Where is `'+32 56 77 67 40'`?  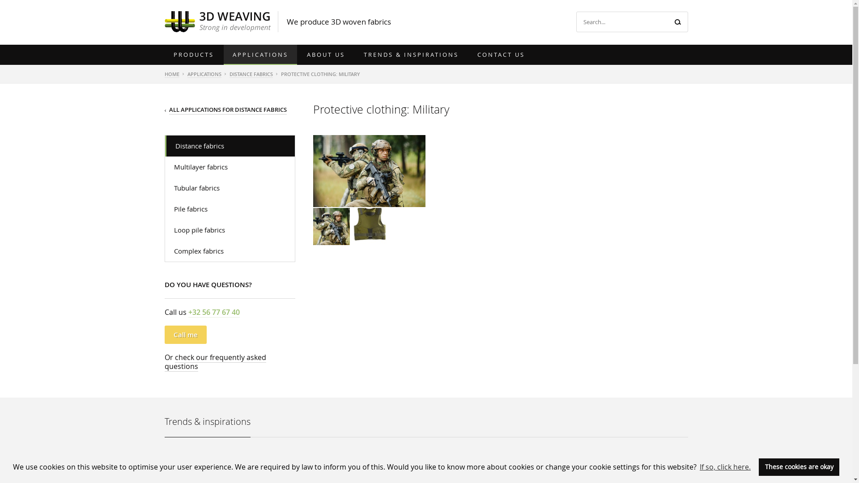
'+32 56 77 67 40' is located at coordinates (213, 312).